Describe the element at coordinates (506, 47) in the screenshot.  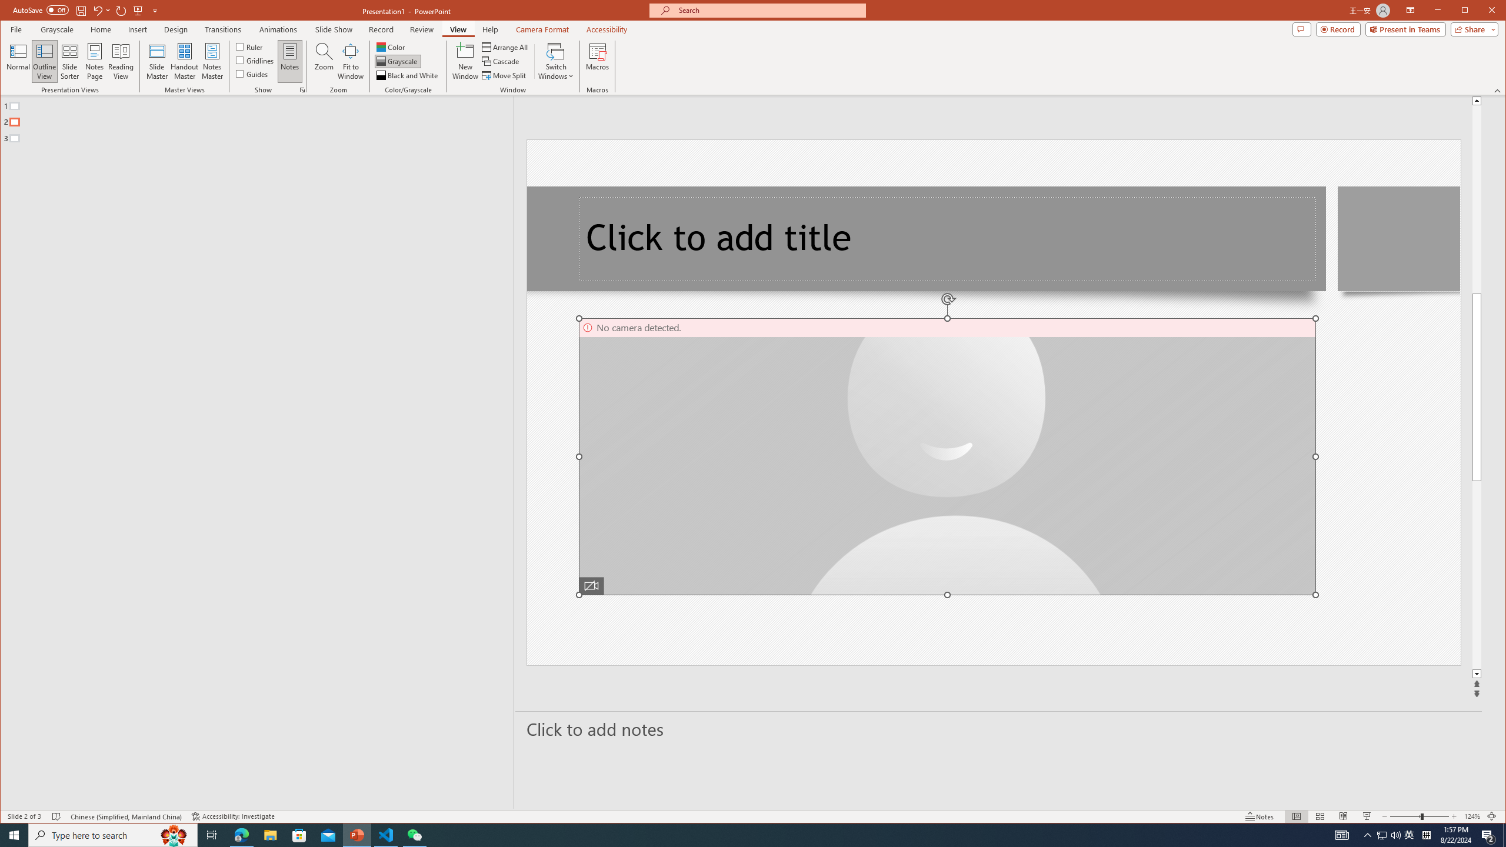
I see `'Arrange All'` at that location.